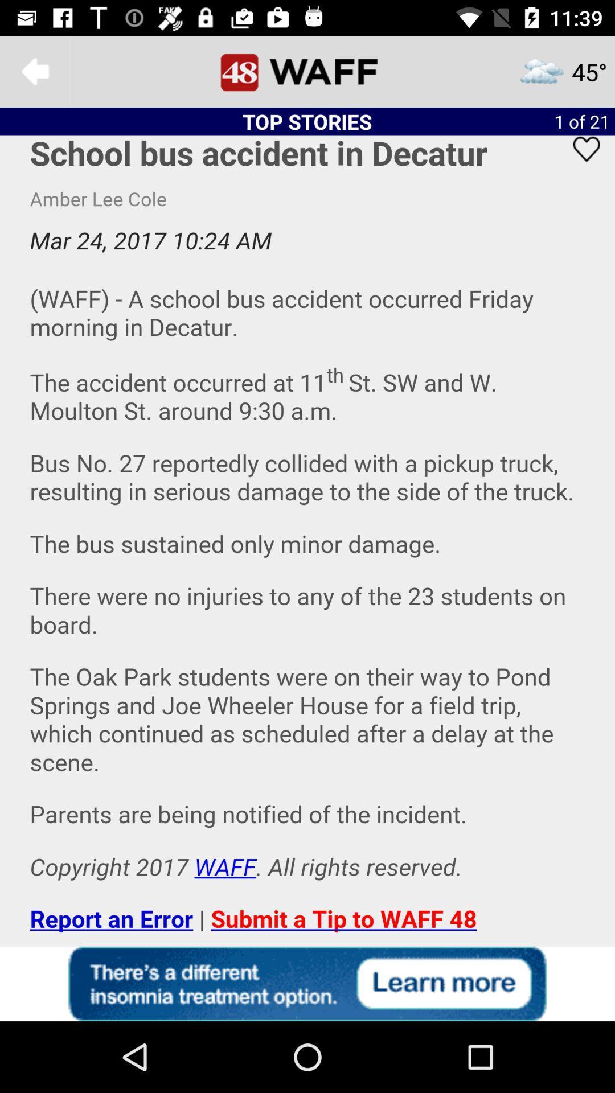 The image size is (615, 1093). I want to click on 48 waff homepage, so click(307, 71).